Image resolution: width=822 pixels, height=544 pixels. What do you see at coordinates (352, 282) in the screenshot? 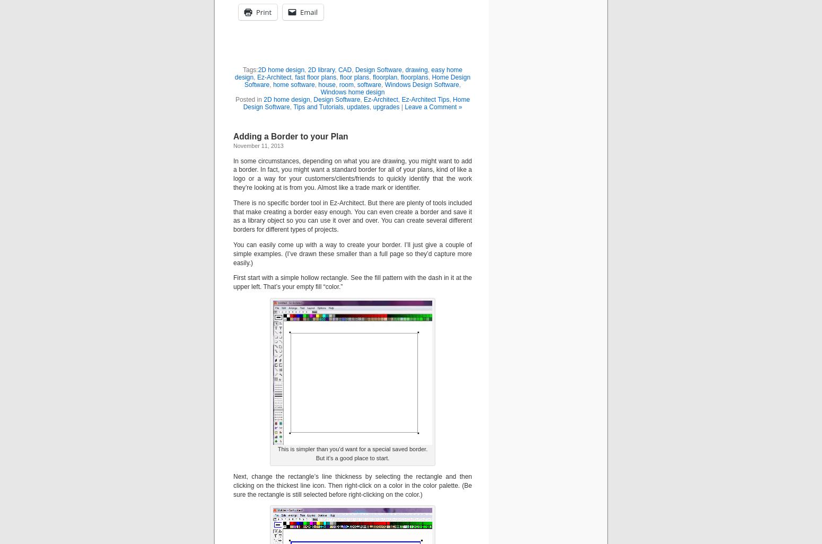
I see `'First start with a simple hollow rectangle. See the fill pattern with the dash in it at the upper left. That’s your empty fill “color.”'` at bounding box center [352, 282].